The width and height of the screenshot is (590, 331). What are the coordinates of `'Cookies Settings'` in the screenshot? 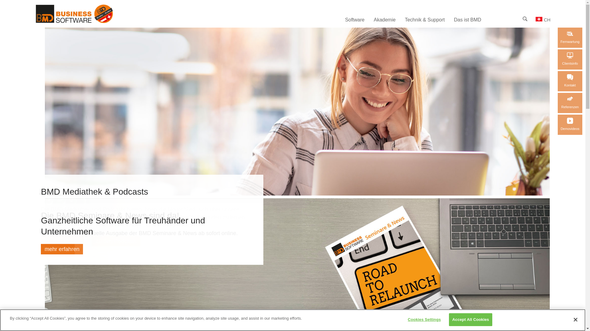 It's located at (424, 319).